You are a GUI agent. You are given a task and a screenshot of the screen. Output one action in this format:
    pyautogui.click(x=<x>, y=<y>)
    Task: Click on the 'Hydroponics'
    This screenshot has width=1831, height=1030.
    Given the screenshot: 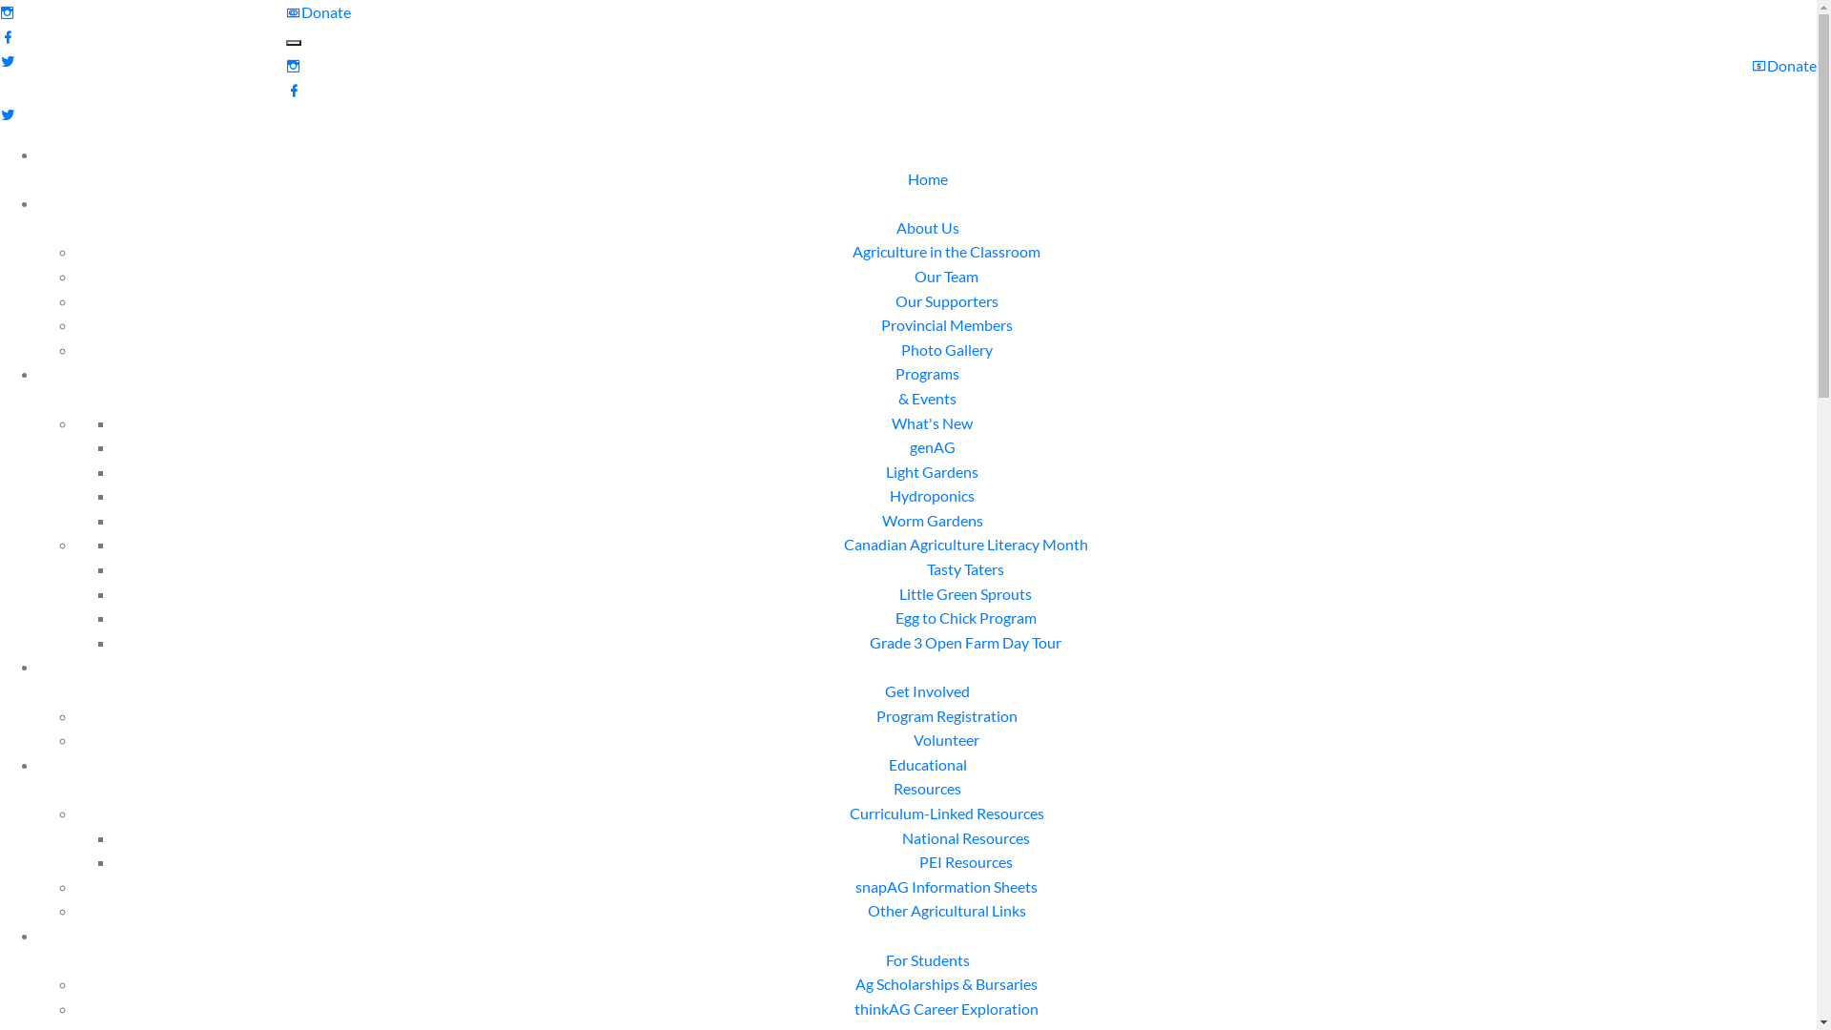 What is the action you would take?
    pyautogui.click(x=932, y=494)
    